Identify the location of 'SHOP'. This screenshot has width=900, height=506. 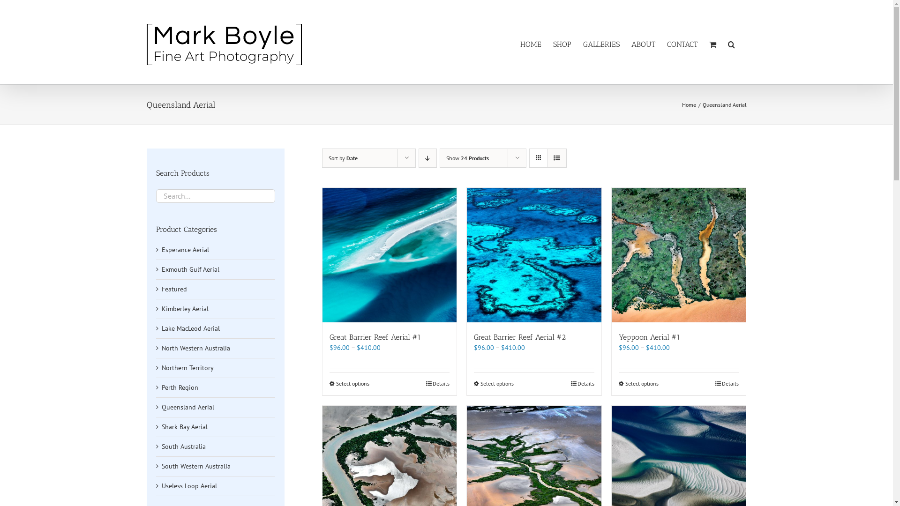
(562, 45).